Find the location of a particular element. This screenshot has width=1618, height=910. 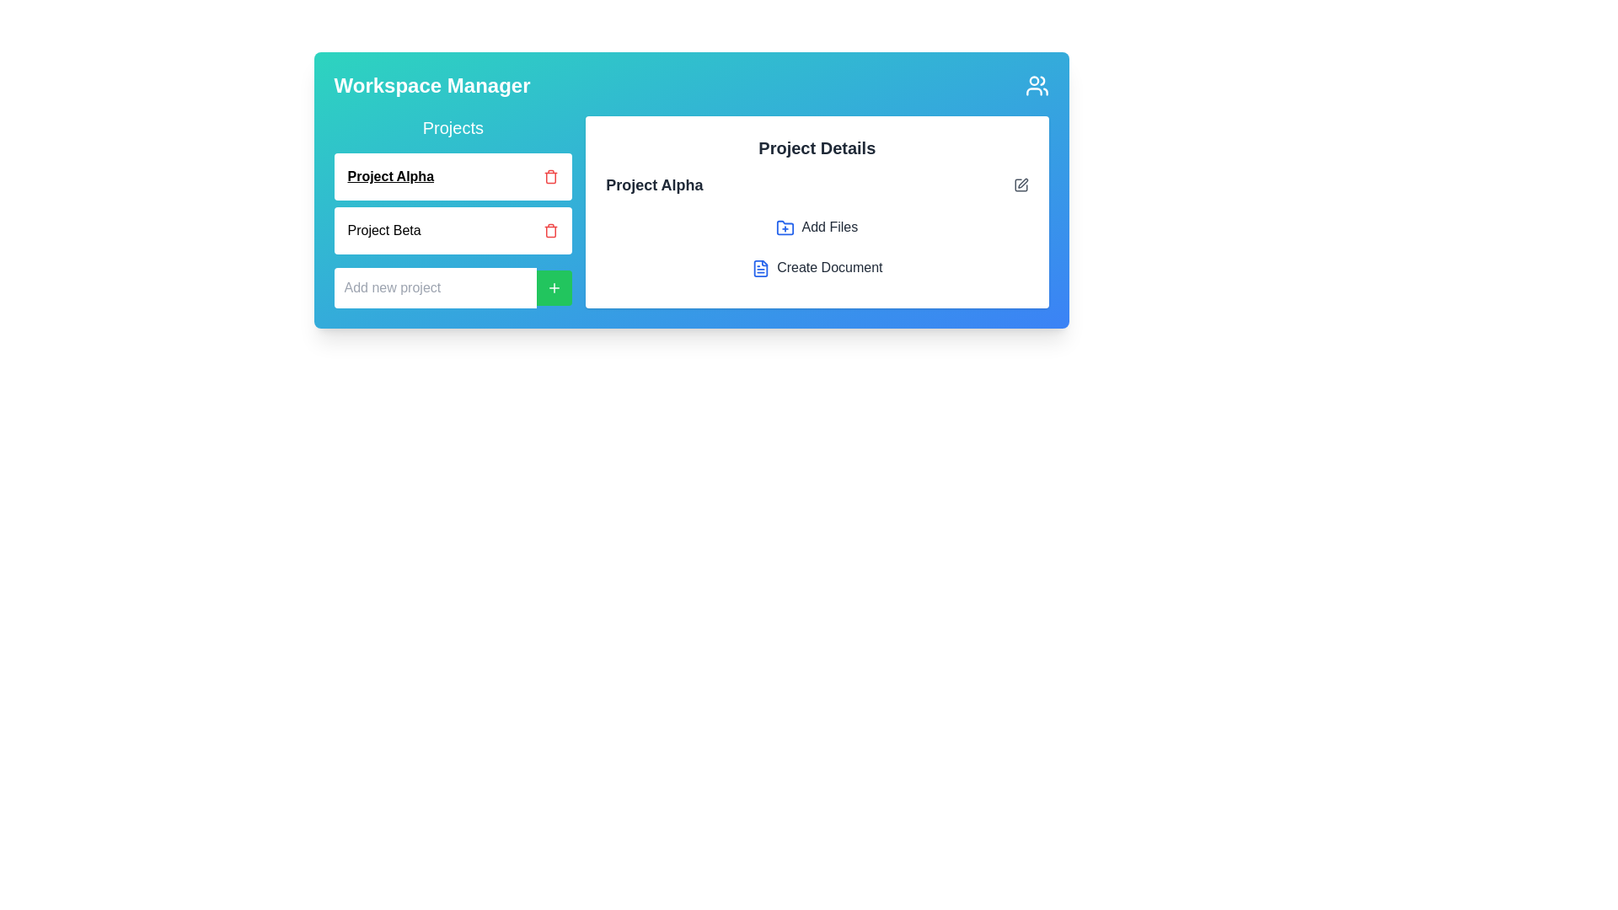

the Text label that serves as a header for the section listing project titles, located below the 'Workspace Manager' header is located at coordinates (453, 126).